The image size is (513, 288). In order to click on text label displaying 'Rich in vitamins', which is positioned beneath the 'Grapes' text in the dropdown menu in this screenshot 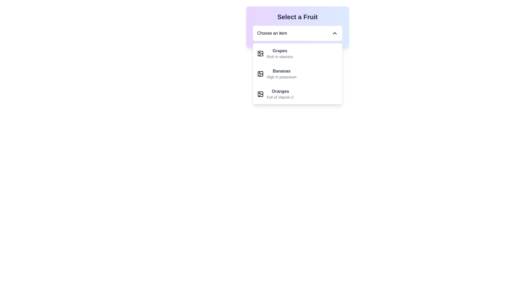, I will do `click(279, 57)`.